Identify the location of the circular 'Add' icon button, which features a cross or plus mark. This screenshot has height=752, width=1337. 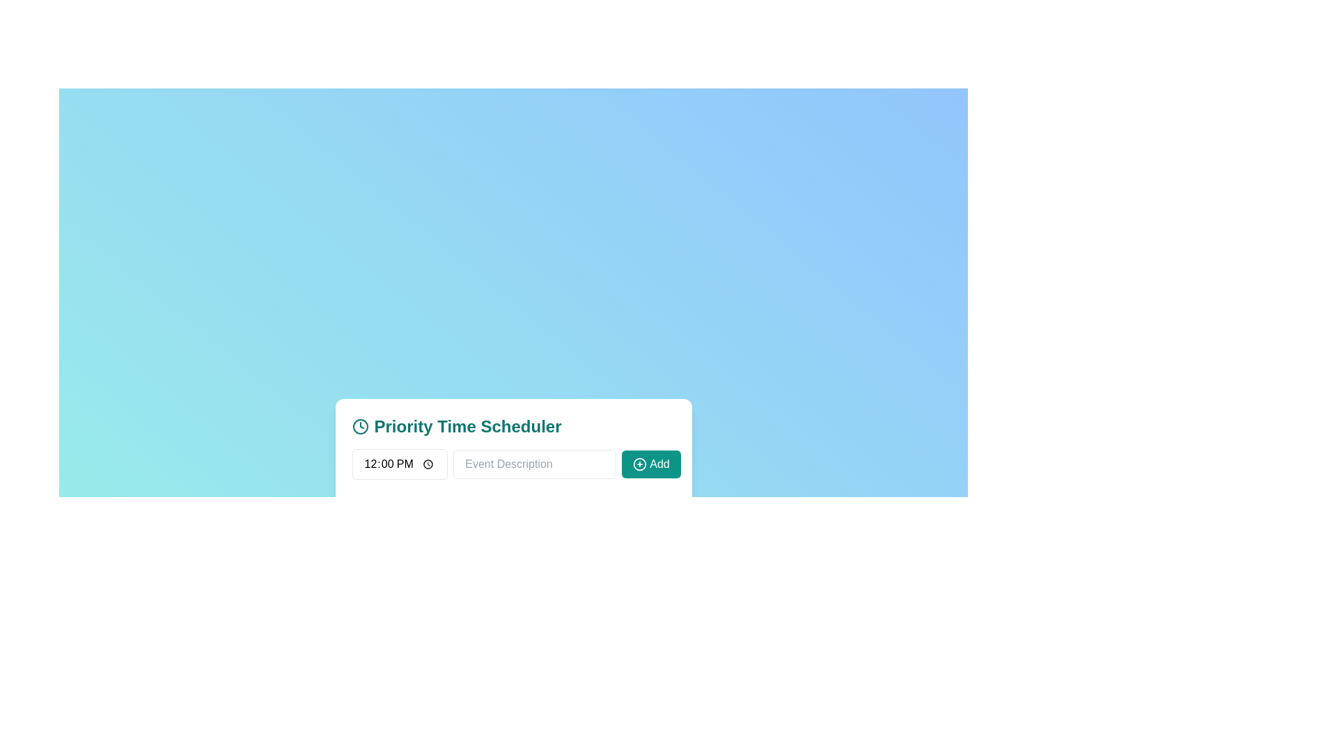
(639, 464).